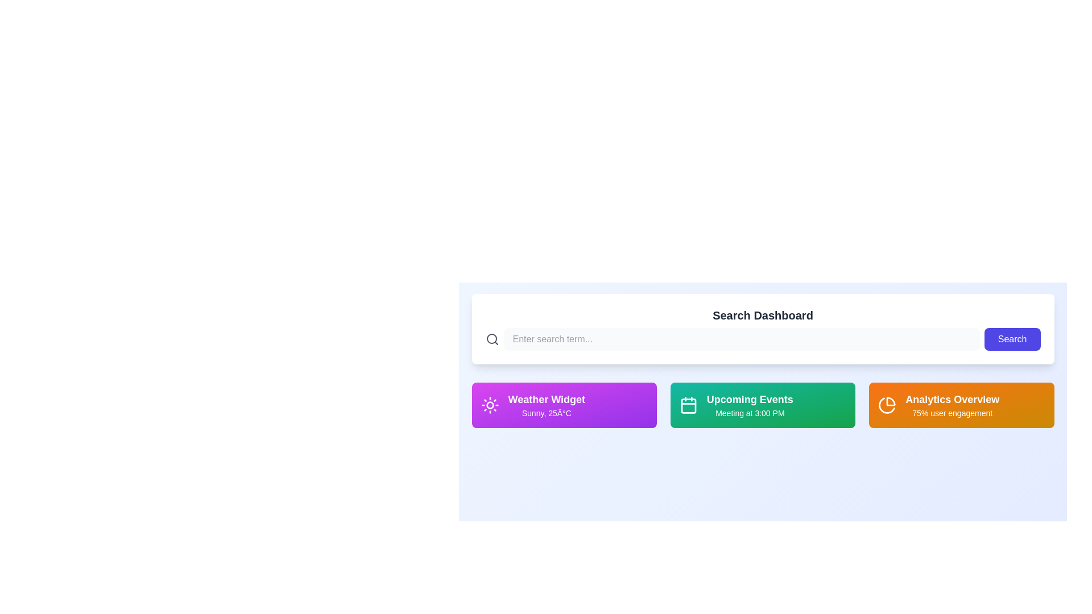  I want to click on the text label displaying 'Sunny, 25°C' which is part of the 'Weather Widget' in the top-left region of the dashboard, so click(547, 413).